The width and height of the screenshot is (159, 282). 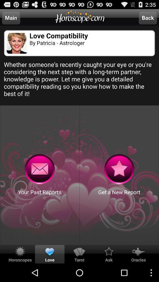 What do you see at coordinates (119, 169) in the screenshot?
I see `get a new report` at bounding box center [119, 169].